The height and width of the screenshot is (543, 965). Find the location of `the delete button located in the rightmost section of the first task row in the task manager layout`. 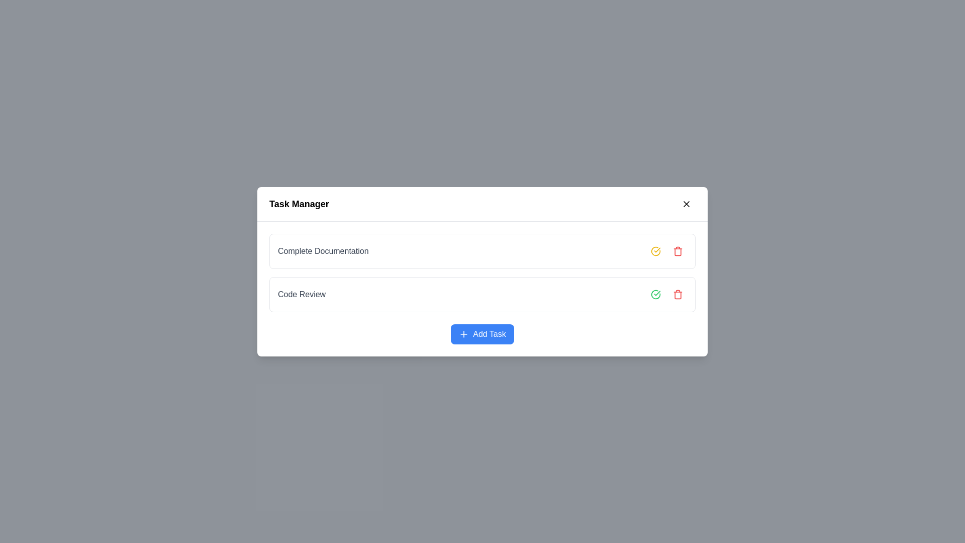

the delete button located in the rightmost section of the first task row in the task manager layout is located at coordinates (678, 250).